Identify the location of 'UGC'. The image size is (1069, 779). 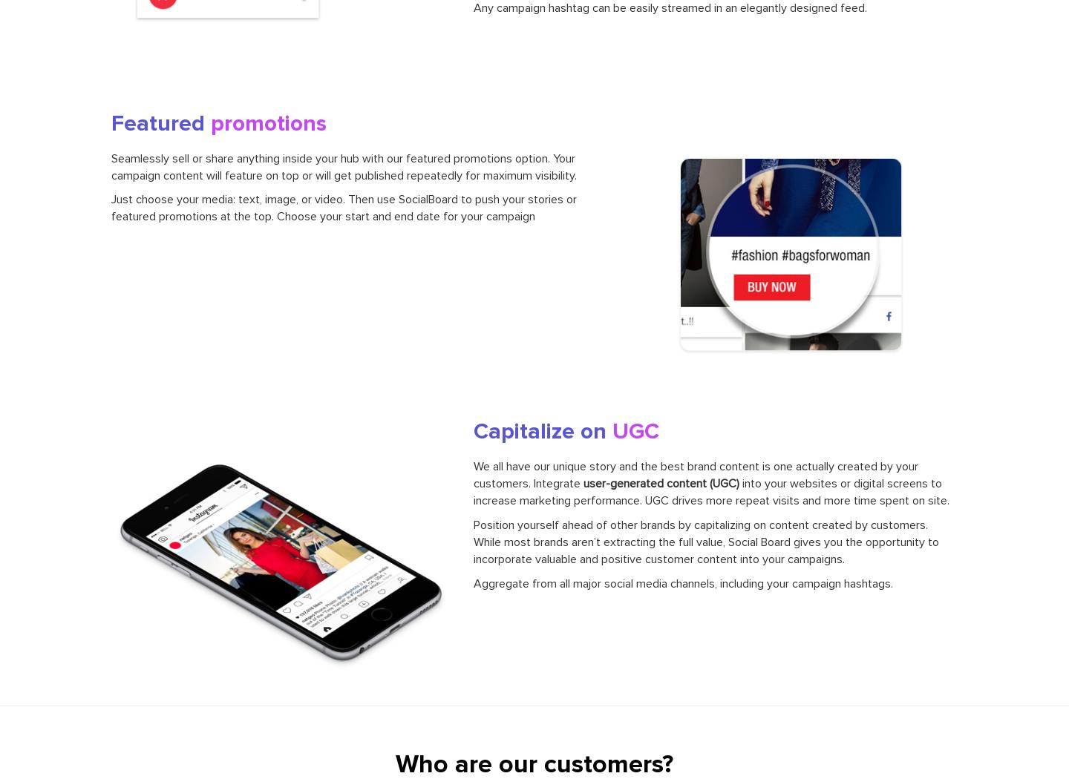
(634, 430).